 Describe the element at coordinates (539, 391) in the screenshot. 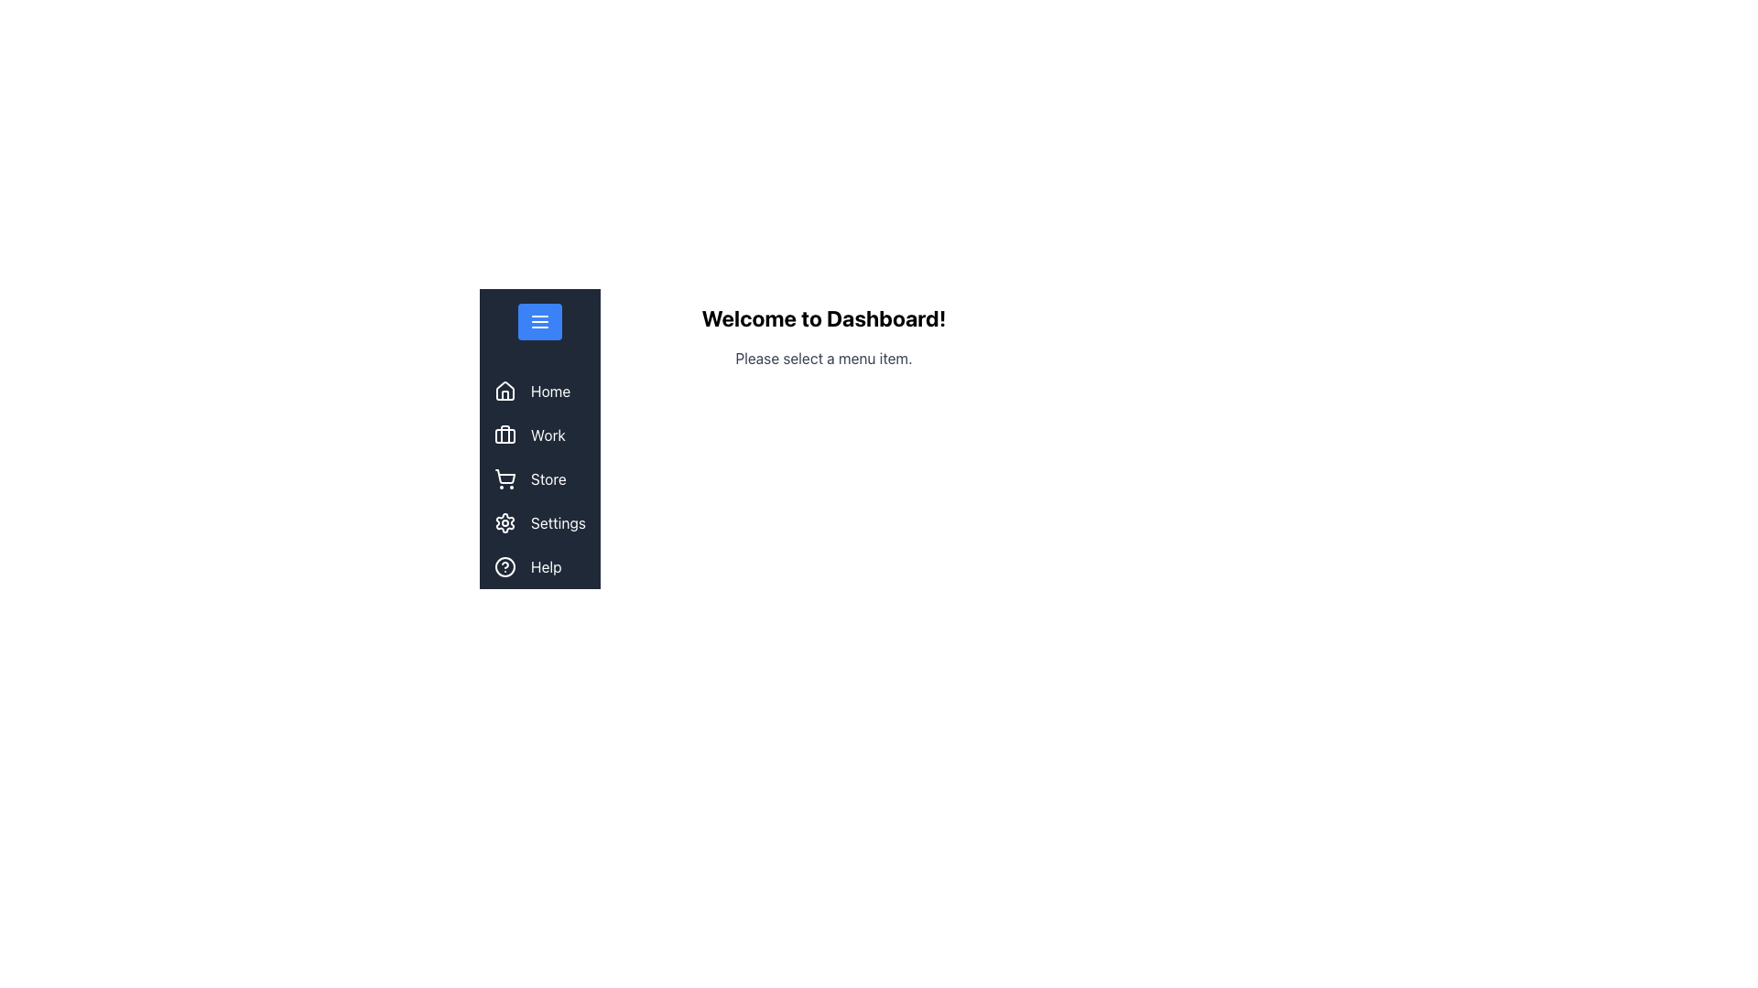

I see `the 'Home' menu item in the vertical sidebar` at that location.